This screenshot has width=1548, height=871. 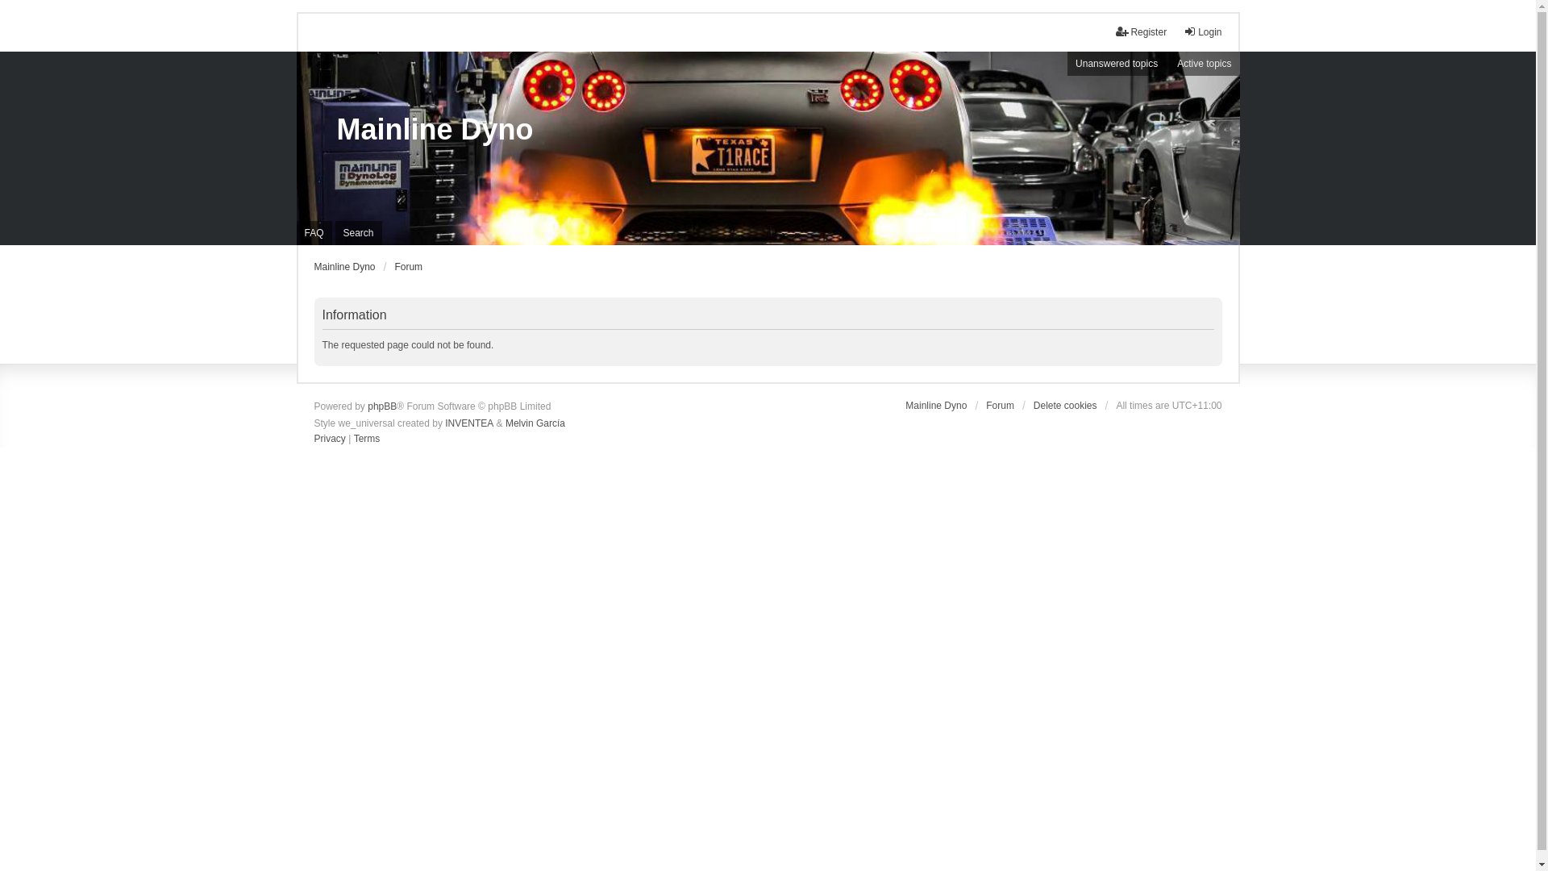 I want to click on 'Mainline Dyno', so click(x=335, y=129).